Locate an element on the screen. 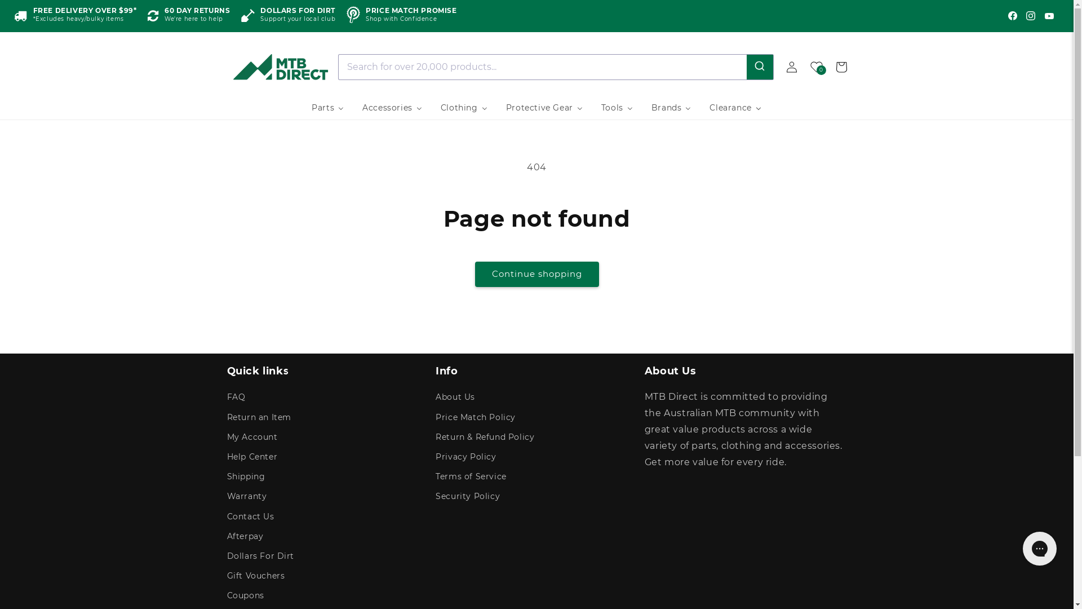 The width and height of the screenshot is (1082, 609). 'Find us on Facebook' is located at coordinates (1012, 15).